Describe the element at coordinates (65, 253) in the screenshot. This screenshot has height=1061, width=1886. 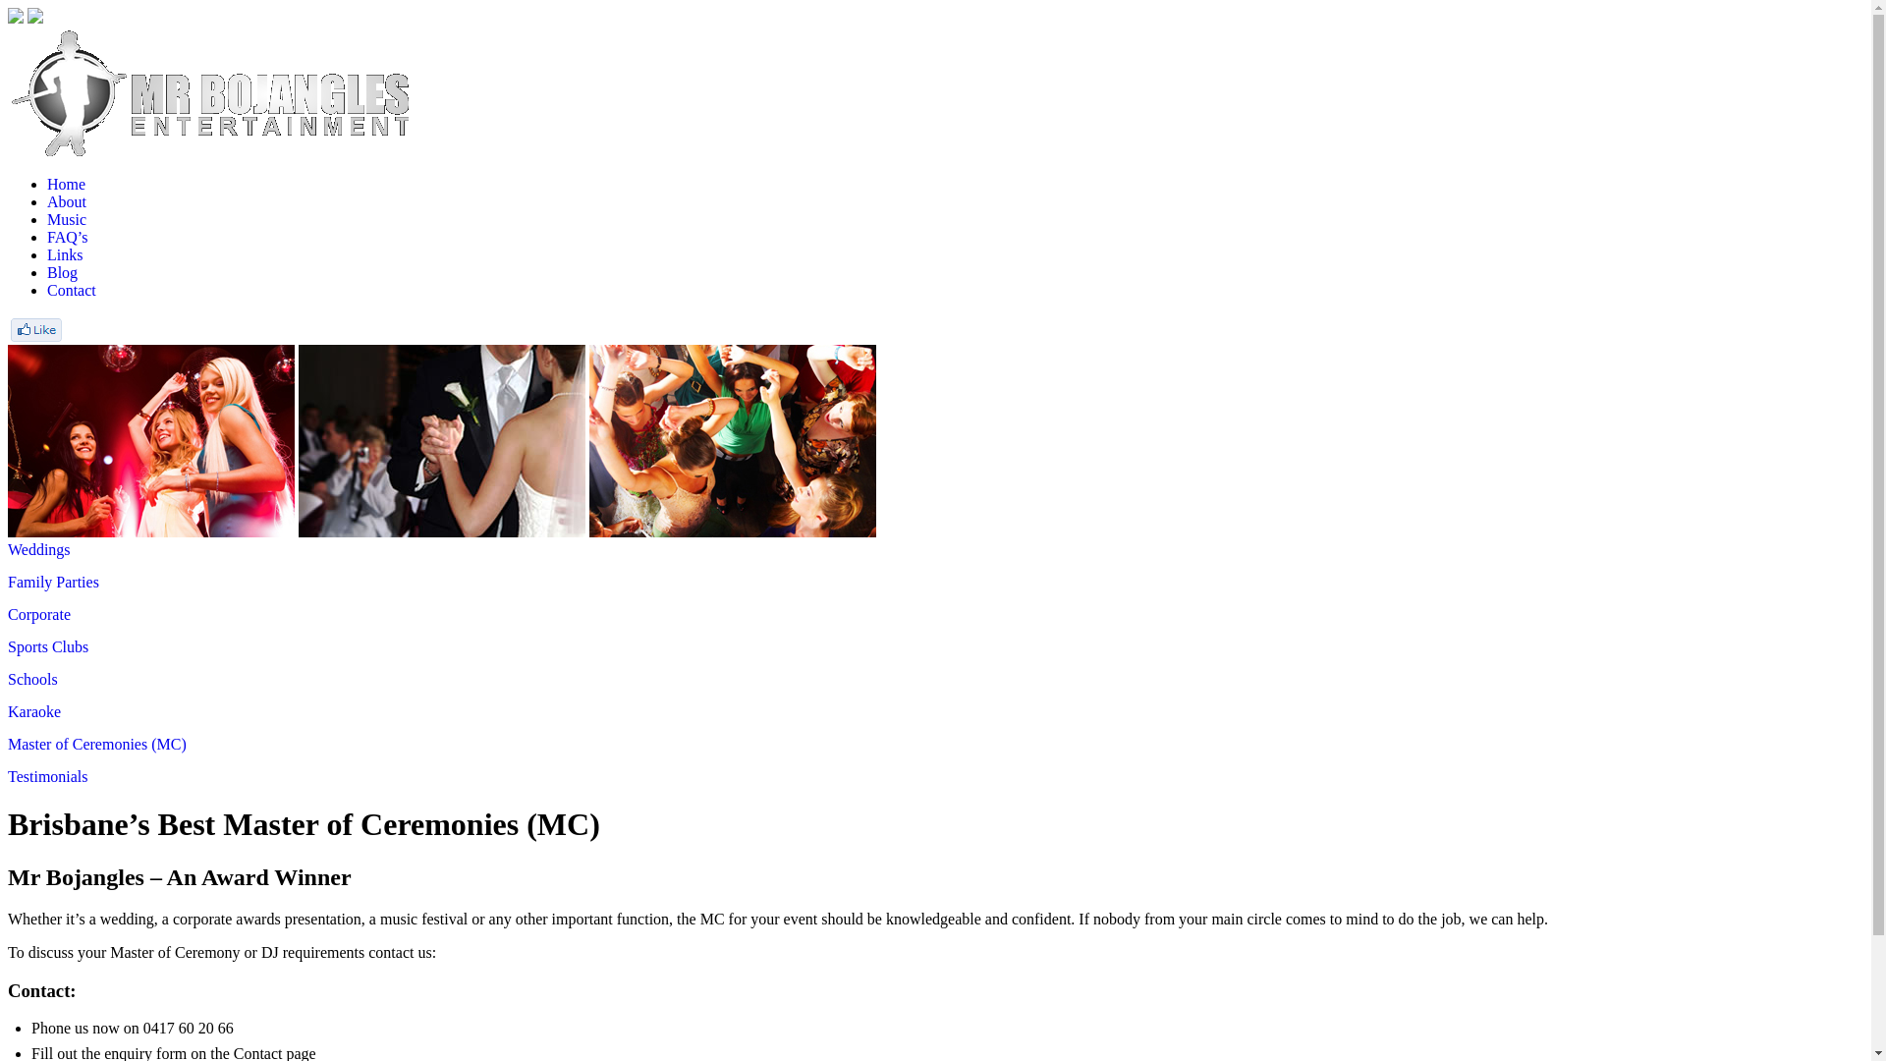
I see `'Links'` at that location.